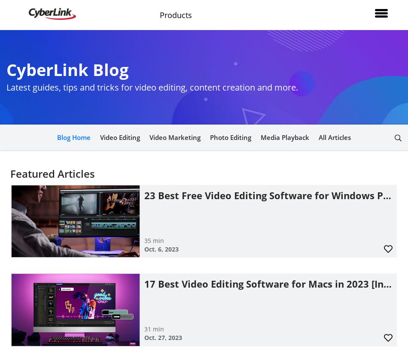 Image resolution: width=408 pixels, height=352 pixels. What do you see at coordinates (154, 240) in the screenshot?
I see `'35 min'` at bounding box center [154, 240].